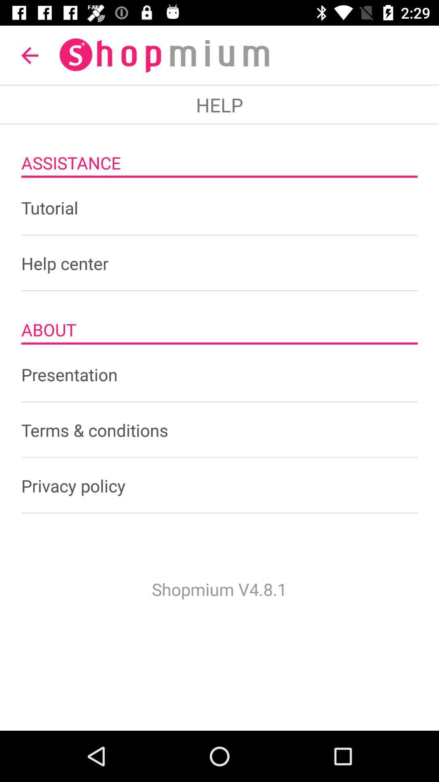  I want to click on the item below terms & conditions, so click(219, 485).